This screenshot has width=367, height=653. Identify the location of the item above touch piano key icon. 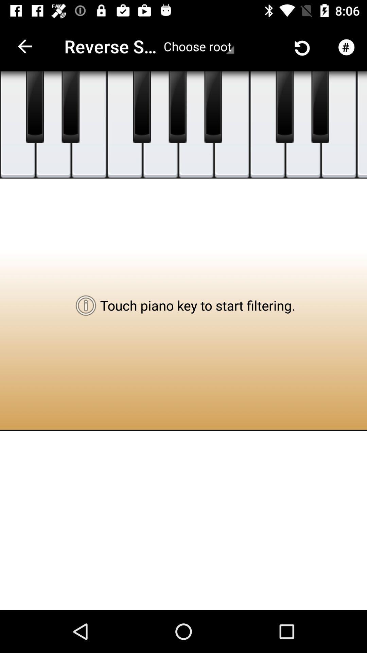
(196, 125).